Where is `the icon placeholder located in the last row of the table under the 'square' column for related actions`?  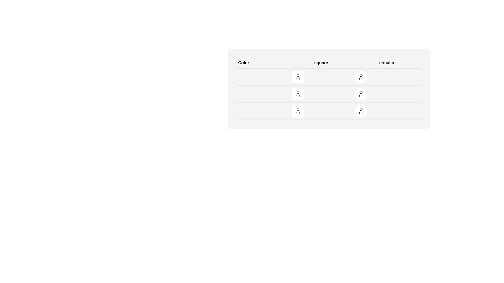 the icon placeholder located in the last row of the table under the 'square' column for related actions is located at coordinates (328, 111).